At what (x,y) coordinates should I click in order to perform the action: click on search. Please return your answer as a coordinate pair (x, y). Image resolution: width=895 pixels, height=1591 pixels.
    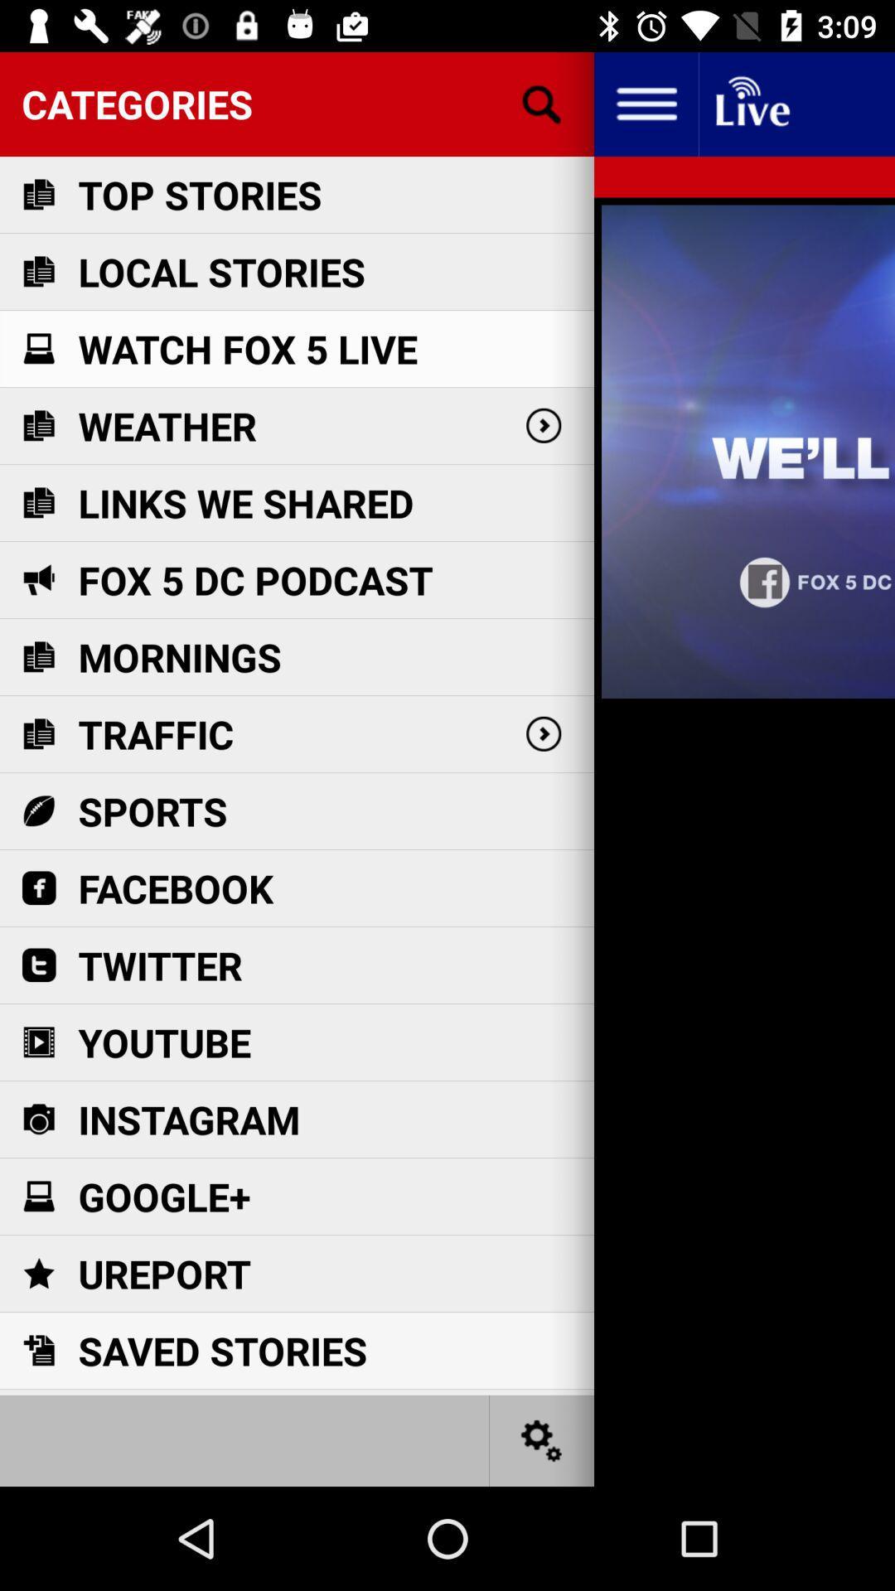
    Looking at the image, I should click on (542, 103).